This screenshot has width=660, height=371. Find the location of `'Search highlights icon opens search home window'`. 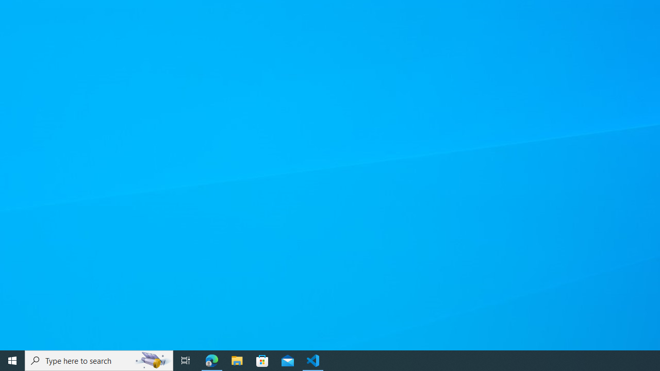

'Search highlights icon opens search home window' is located at coordinates (152, 360).